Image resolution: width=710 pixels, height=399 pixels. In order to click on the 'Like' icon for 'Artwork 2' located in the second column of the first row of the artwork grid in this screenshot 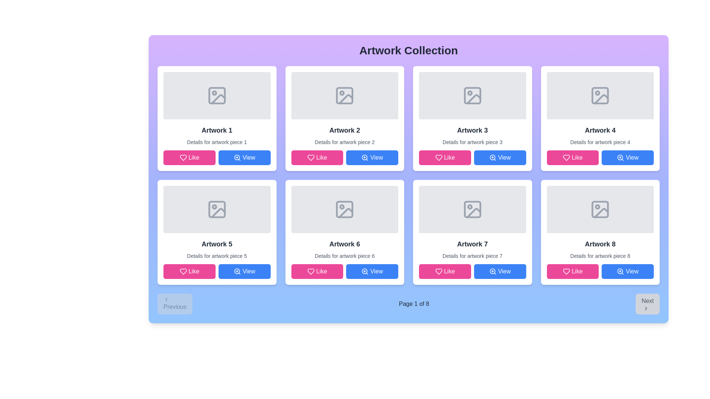, I will do `click(311, 157)`.